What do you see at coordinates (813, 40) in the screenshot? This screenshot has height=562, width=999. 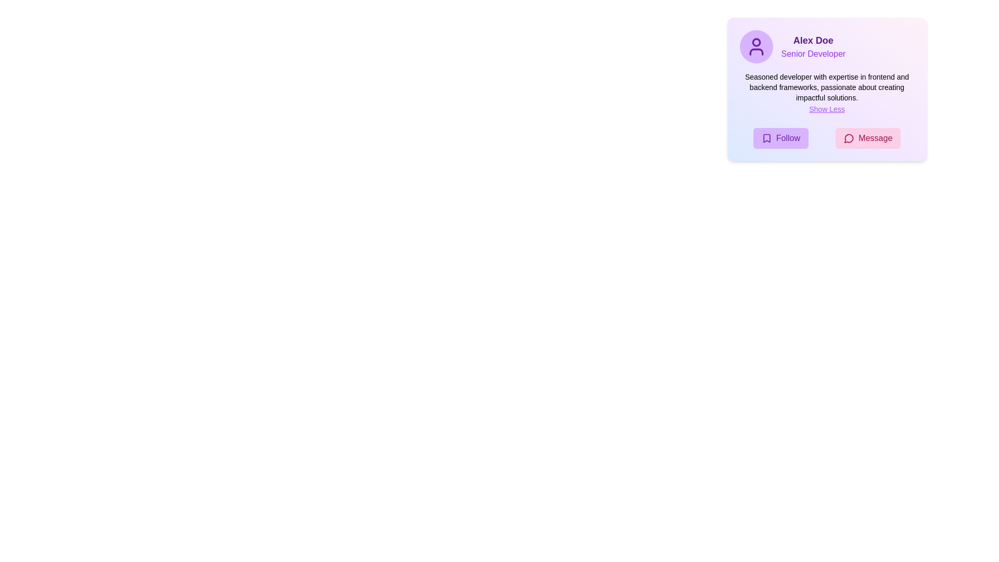 I see `text content of the profile name label, located at the top of the profile card, right next to the circular profile icon` at bounding box center [813, 40].